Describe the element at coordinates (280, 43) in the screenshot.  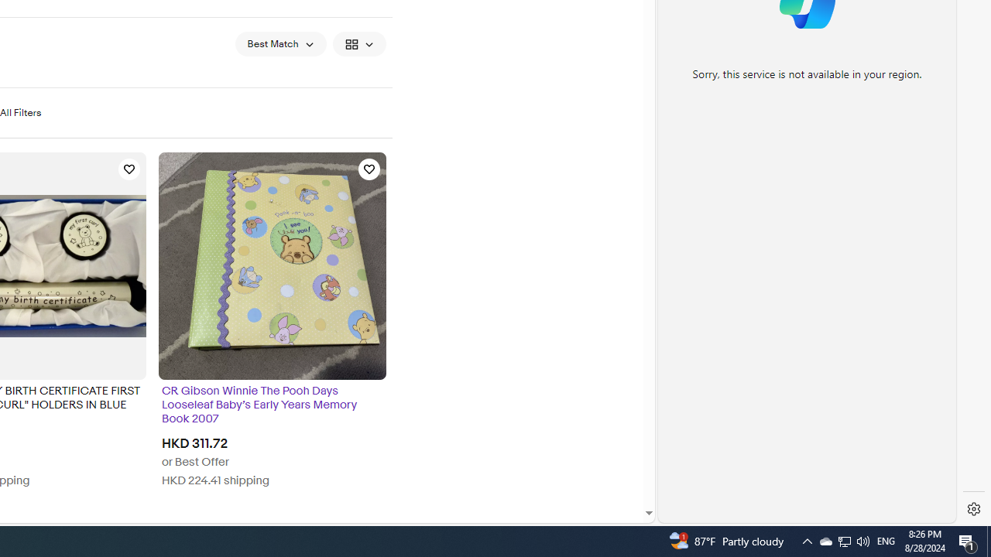
I see `'Sort: Best Match'` at that location.